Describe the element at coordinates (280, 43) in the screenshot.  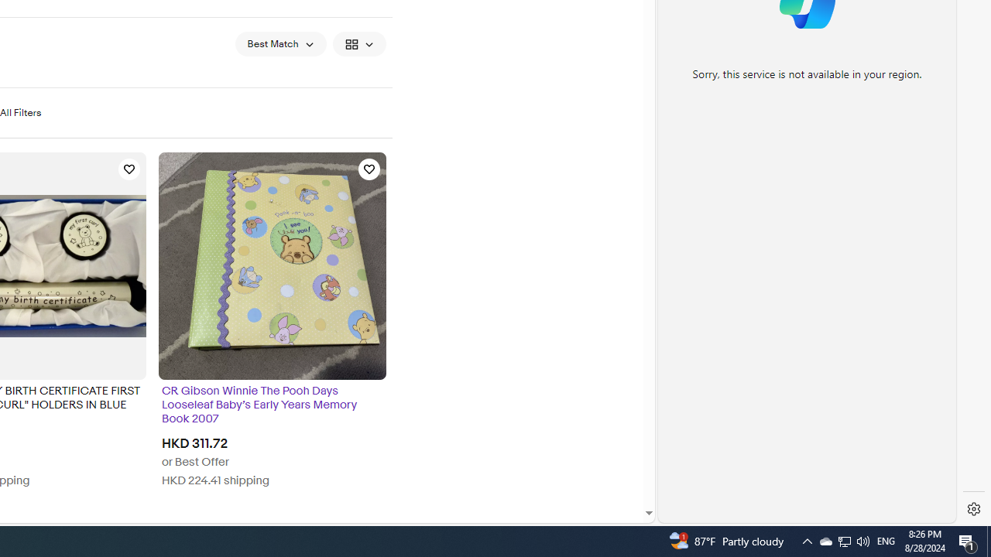
I see `'Sort: Best Match'` at that location.